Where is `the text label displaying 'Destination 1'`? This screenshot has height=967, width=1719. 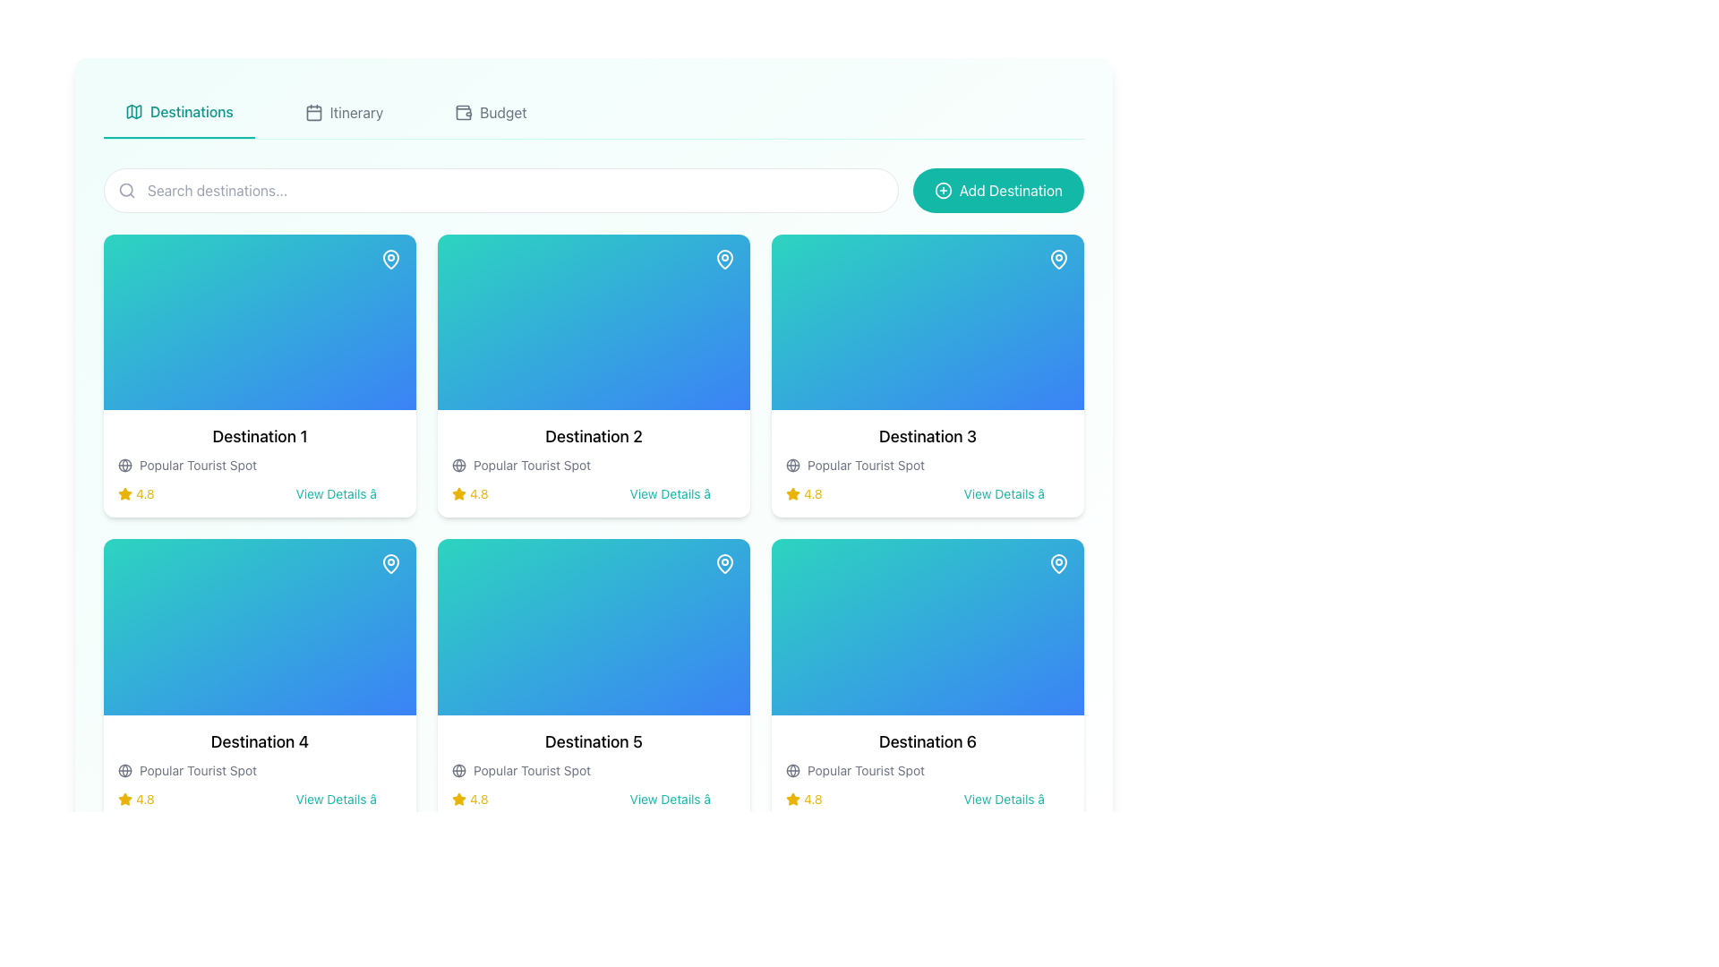 the text label displaying 'Destination 1' is located at coordinates (259, 437).